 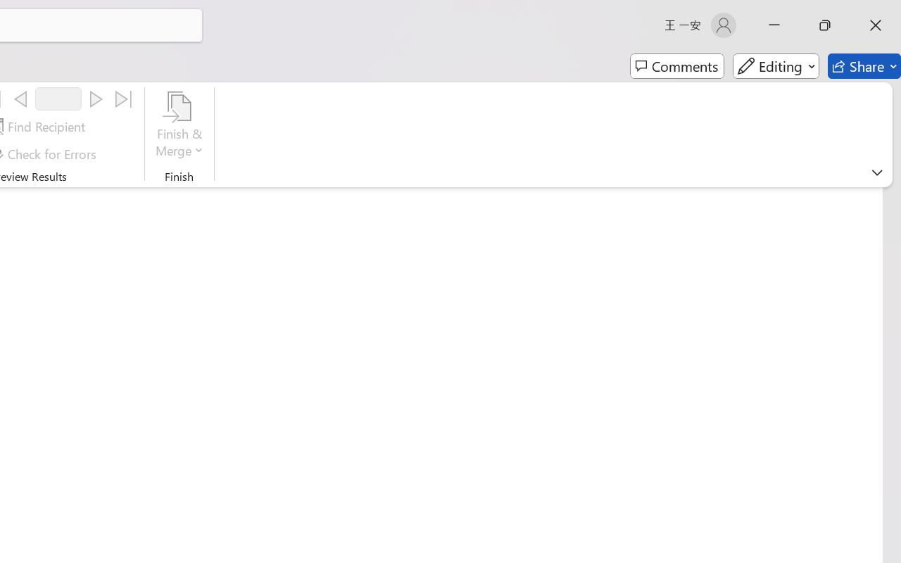 What do you see at coordinates (875, 25) in the screenshot?
I see `'Close'` at bounding box center [875, 25].